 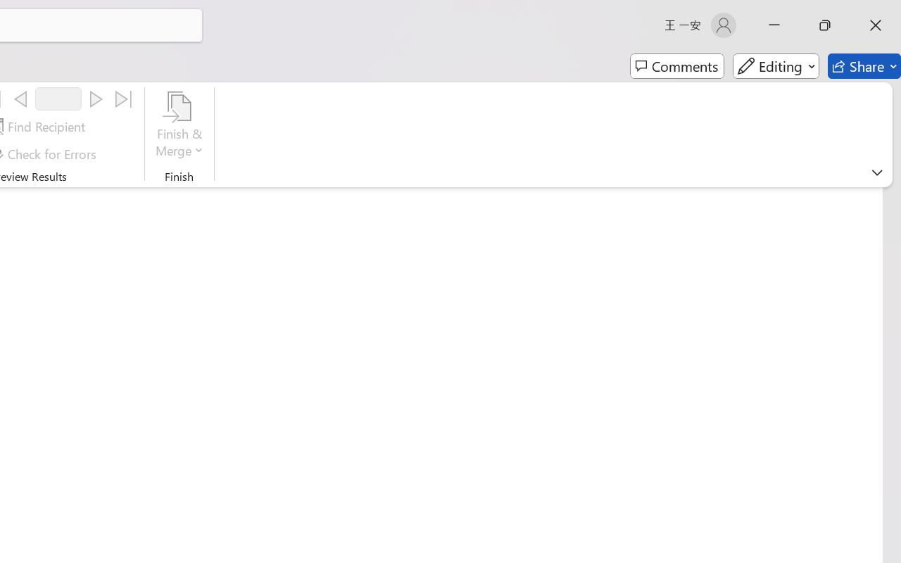 What do you see at coordinates (875, 25) in the screenshot?
I see `'Close'` at bounding box center [875, 25].